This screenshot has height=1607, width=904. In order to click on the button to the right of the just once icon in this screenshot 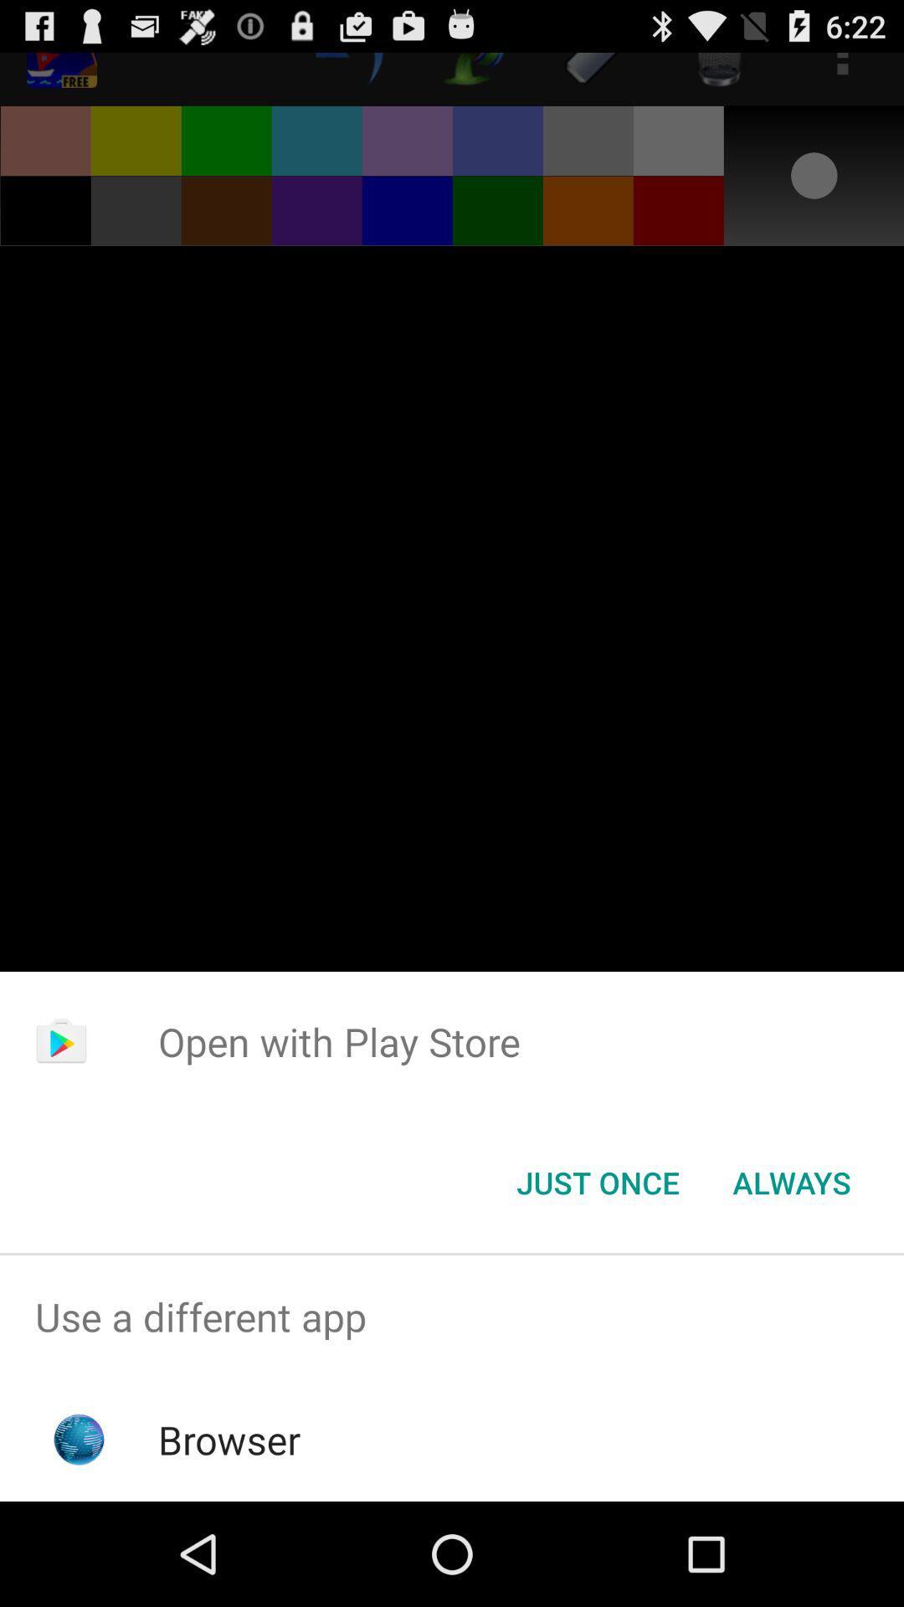, I will do `click(791, 1181)`.